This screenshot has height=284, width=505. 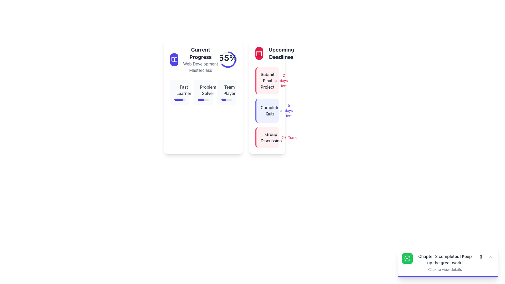 What do you see at coordinates (227, 90) in the screenshot?
I see `the text label displaying 'Team Player' in gray font on a white background, which is the last element of three horizontally arranged cards` at bounding box center [227, 90].